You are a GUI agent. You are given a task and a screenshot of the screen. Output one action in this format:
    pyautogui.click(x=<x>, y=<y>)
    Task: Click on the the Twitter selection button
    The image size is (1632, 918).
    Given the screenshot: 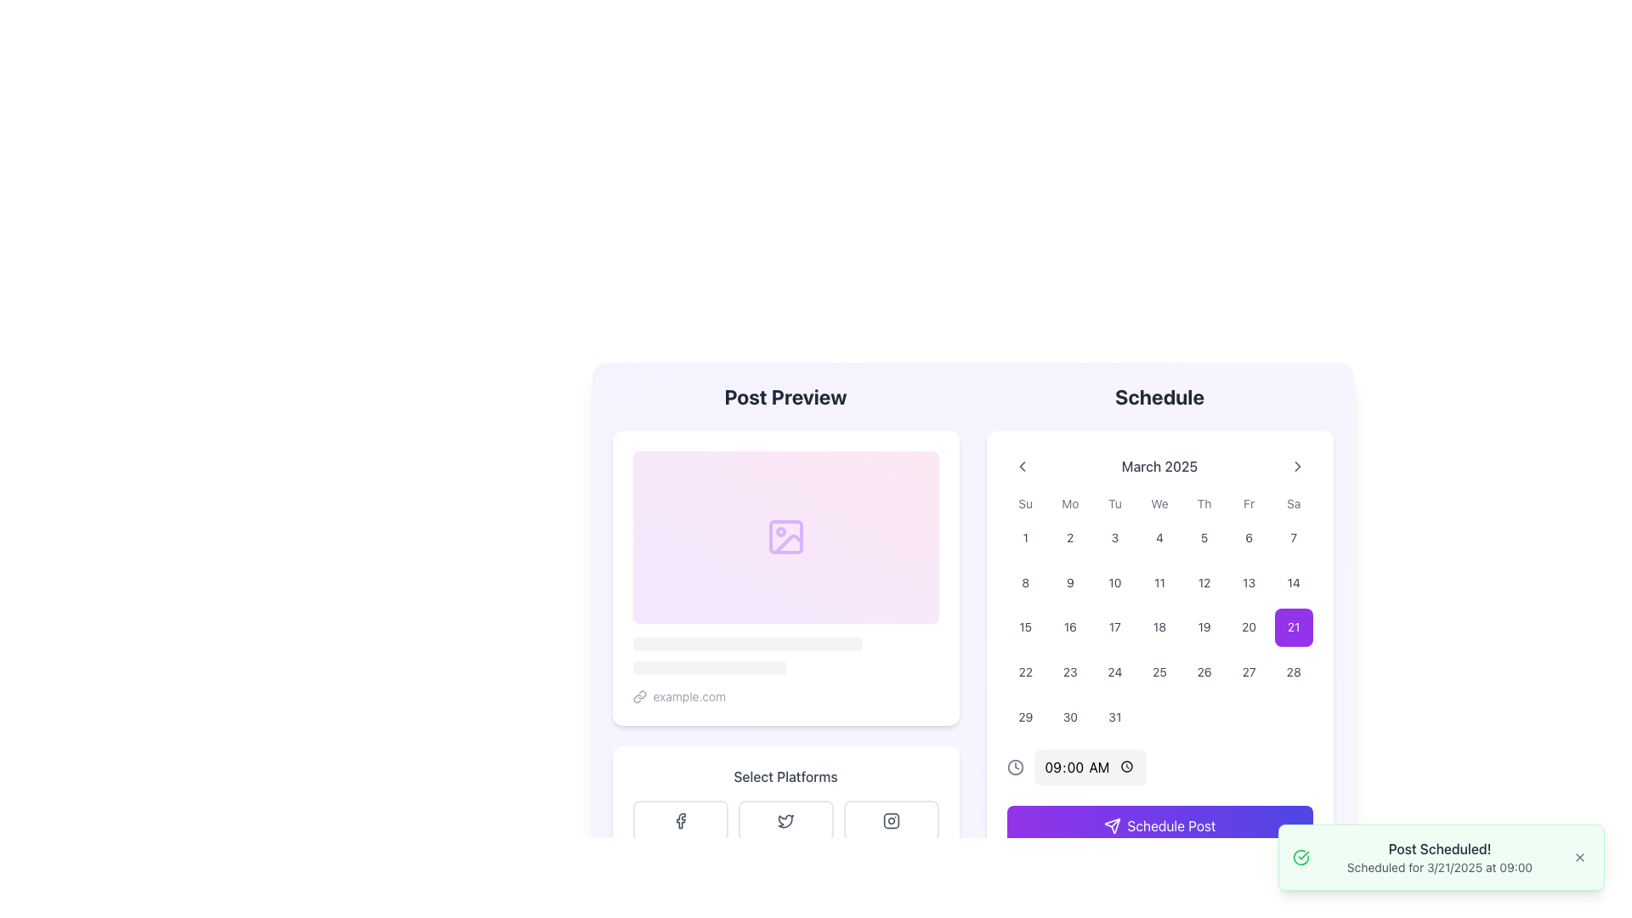 What is the action you would take?
    pyautogui.click(x=785, y=819)
    